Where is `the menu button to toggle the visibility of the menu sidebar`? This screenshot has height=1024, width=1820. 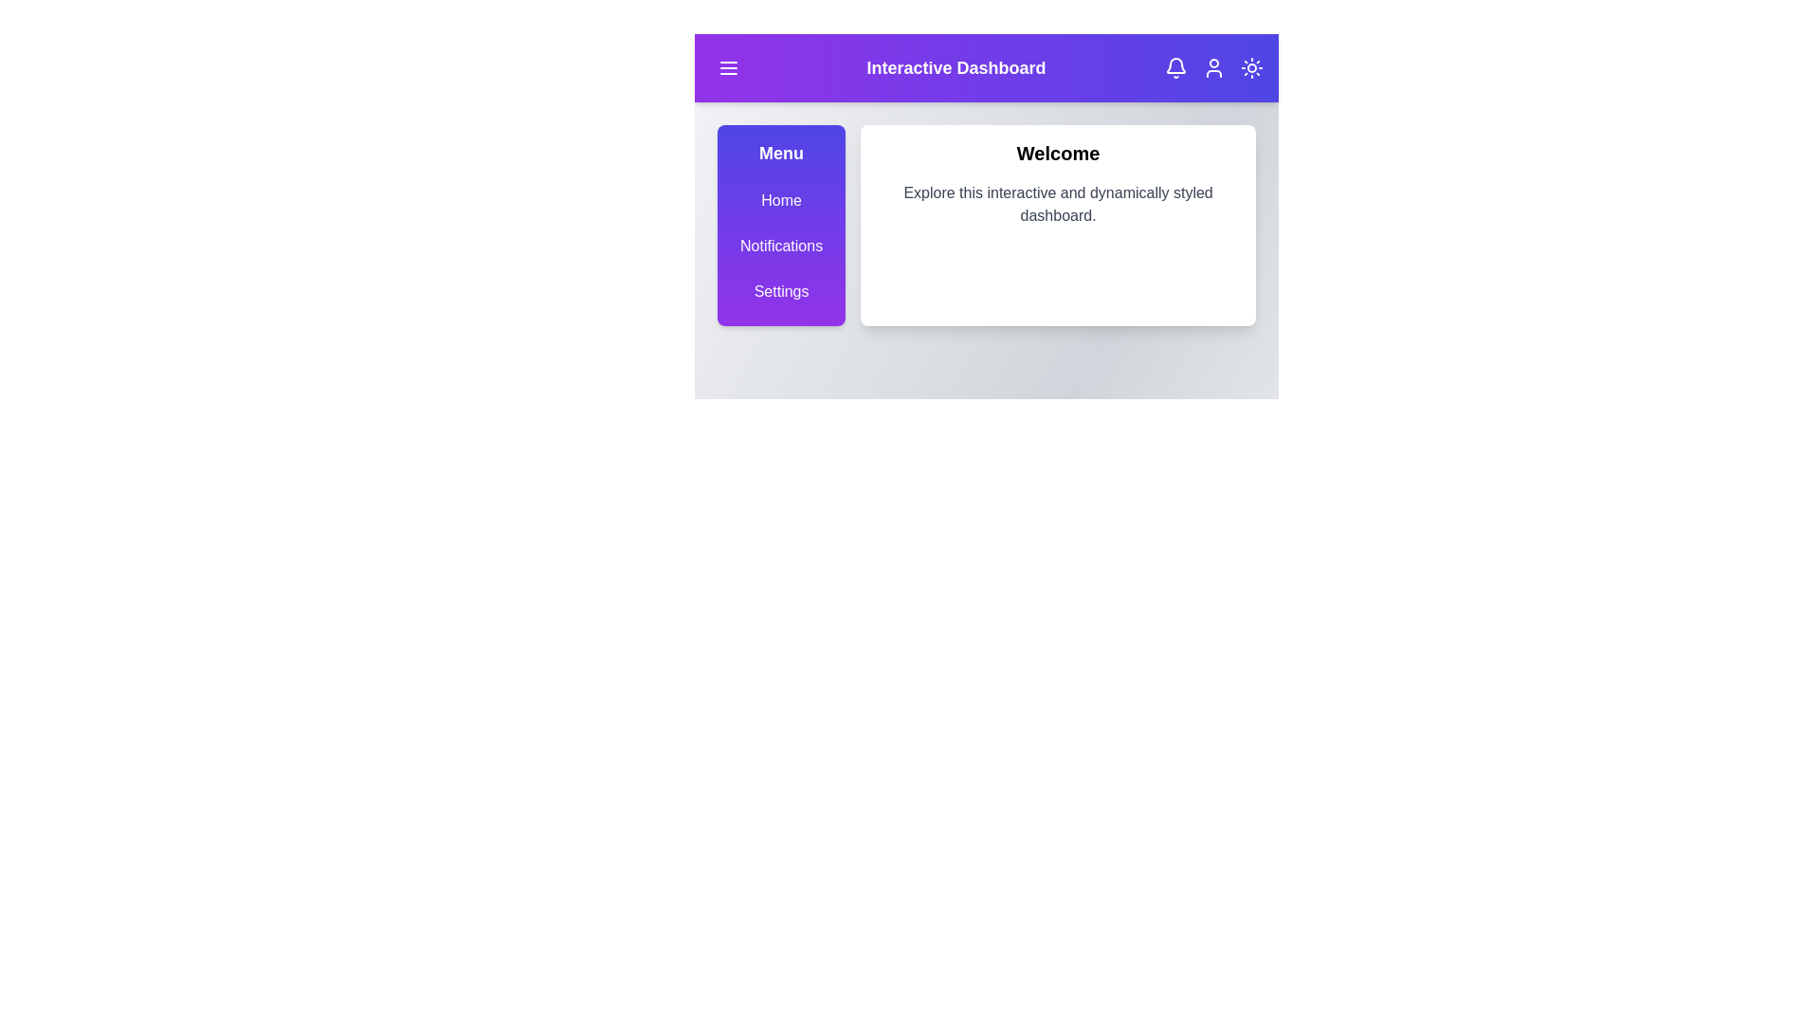 the menu button to toggle the visibility of the menu sidebar is located at coordinates (727, 67).